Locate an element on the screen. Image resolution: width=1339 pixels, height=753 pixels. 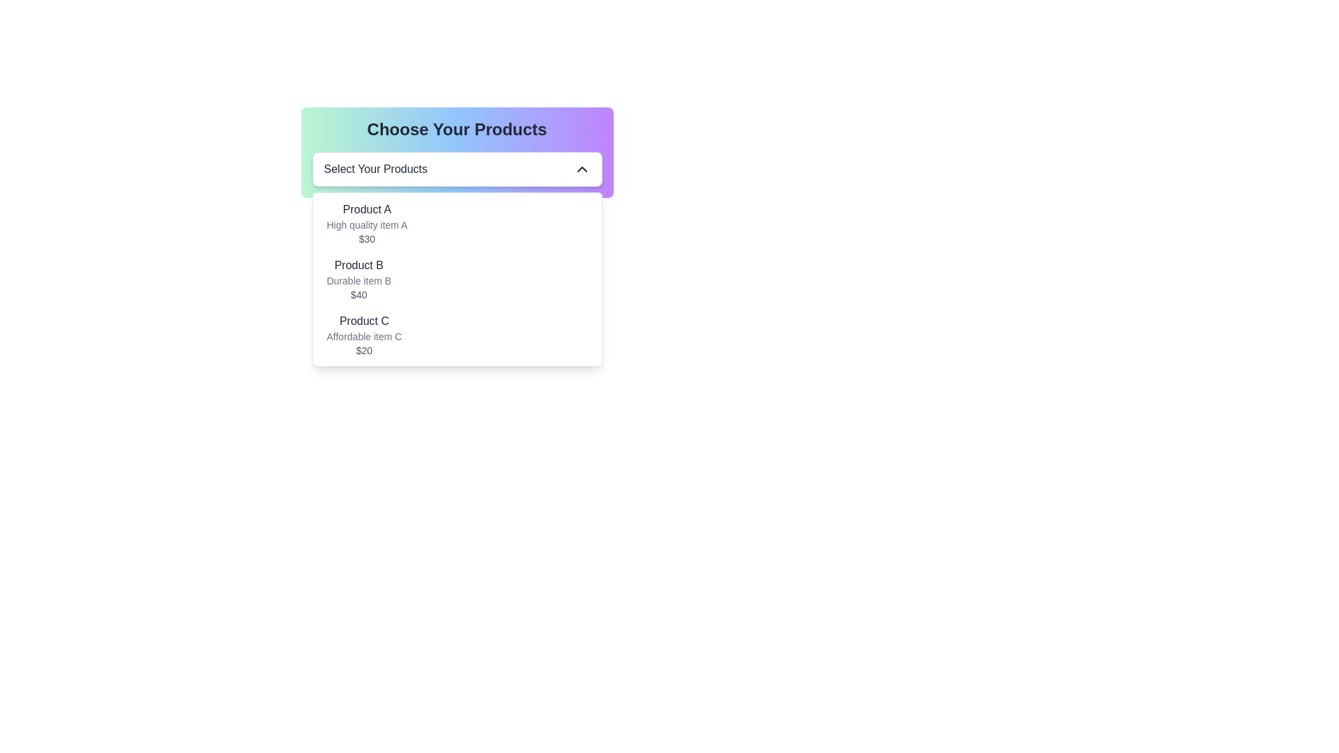
the descriptive text label located below 'Product A' and above '$30' in the dropdown menu interface is located at coordinates (367, 225).